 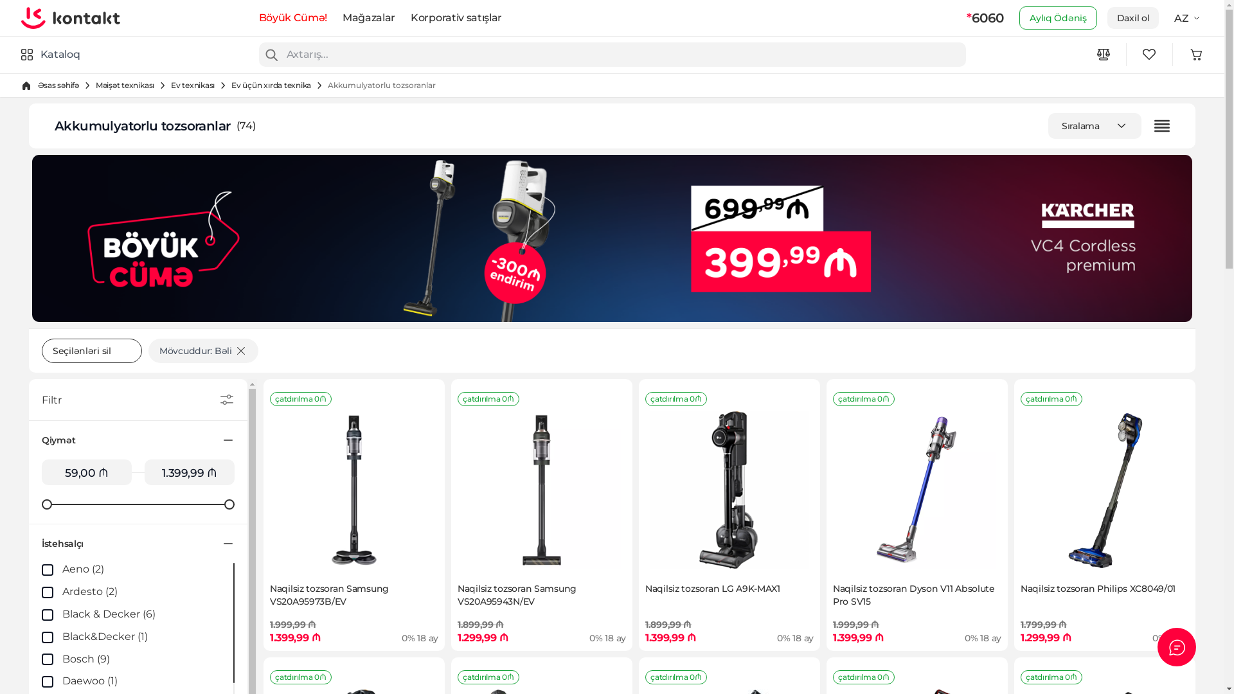 I want to click on 'Daxil ol', so click(x=1133, y=17).